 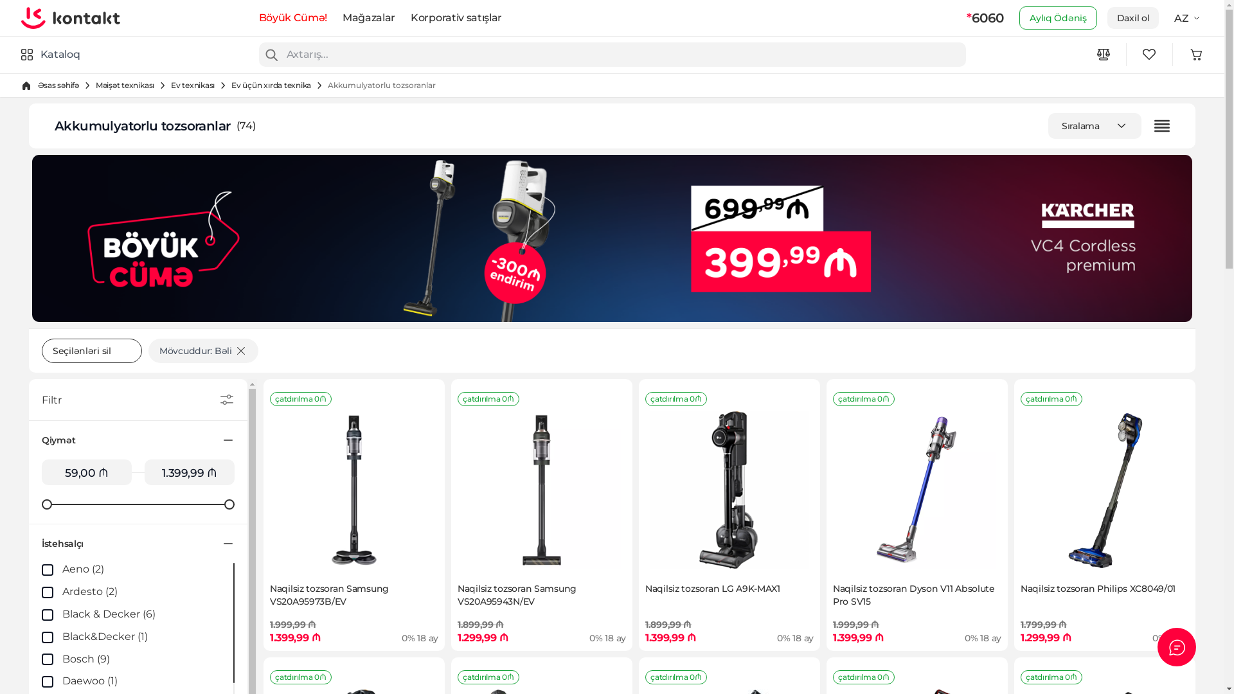 I want to click on 'Daxil ol', so click(x=1133, y=17).